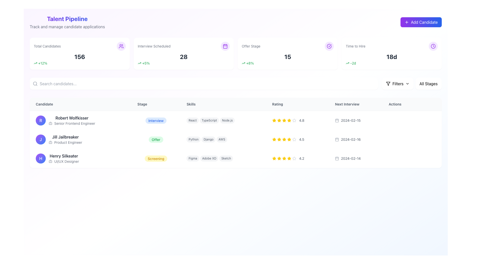  What do you see at coordinates (251, 46) in the screenshot?
I see `the static text label indicating 'Offer Stage' located below the heading 'Talent Pipeline' in the third visual card from the left` at bounding box center [251, 46].